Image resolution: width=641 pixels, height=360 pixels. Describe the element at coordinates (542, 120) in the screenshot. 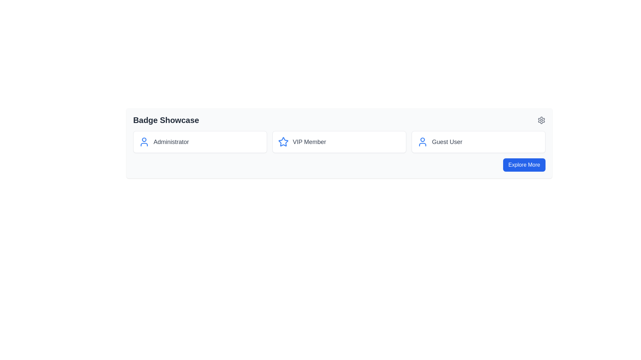

I see `the gear icon located at the far right of the 'Badge Showcase' section` at that location.